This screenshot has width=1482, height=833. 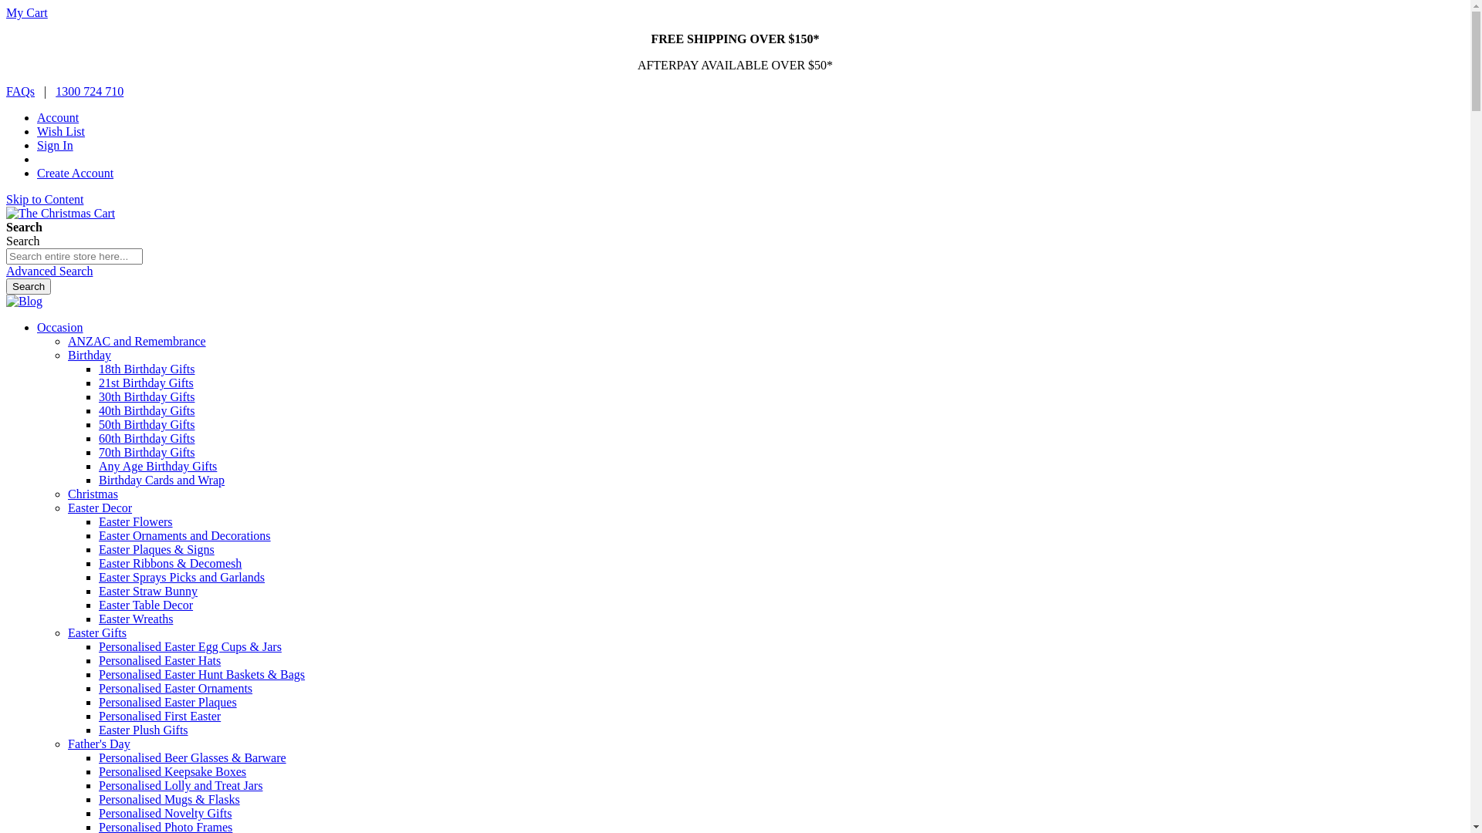 I want to click on 'Occasion', so click(x=59, y=326).